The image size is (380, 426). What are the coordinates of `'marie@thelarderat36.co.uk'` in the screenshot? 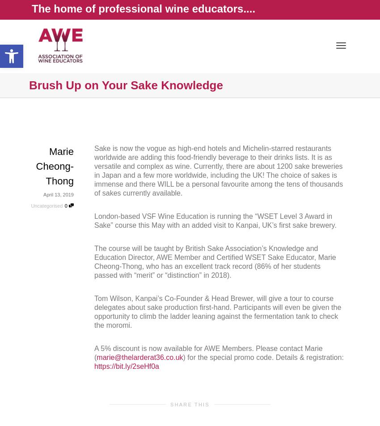 It's located at (139, 357).